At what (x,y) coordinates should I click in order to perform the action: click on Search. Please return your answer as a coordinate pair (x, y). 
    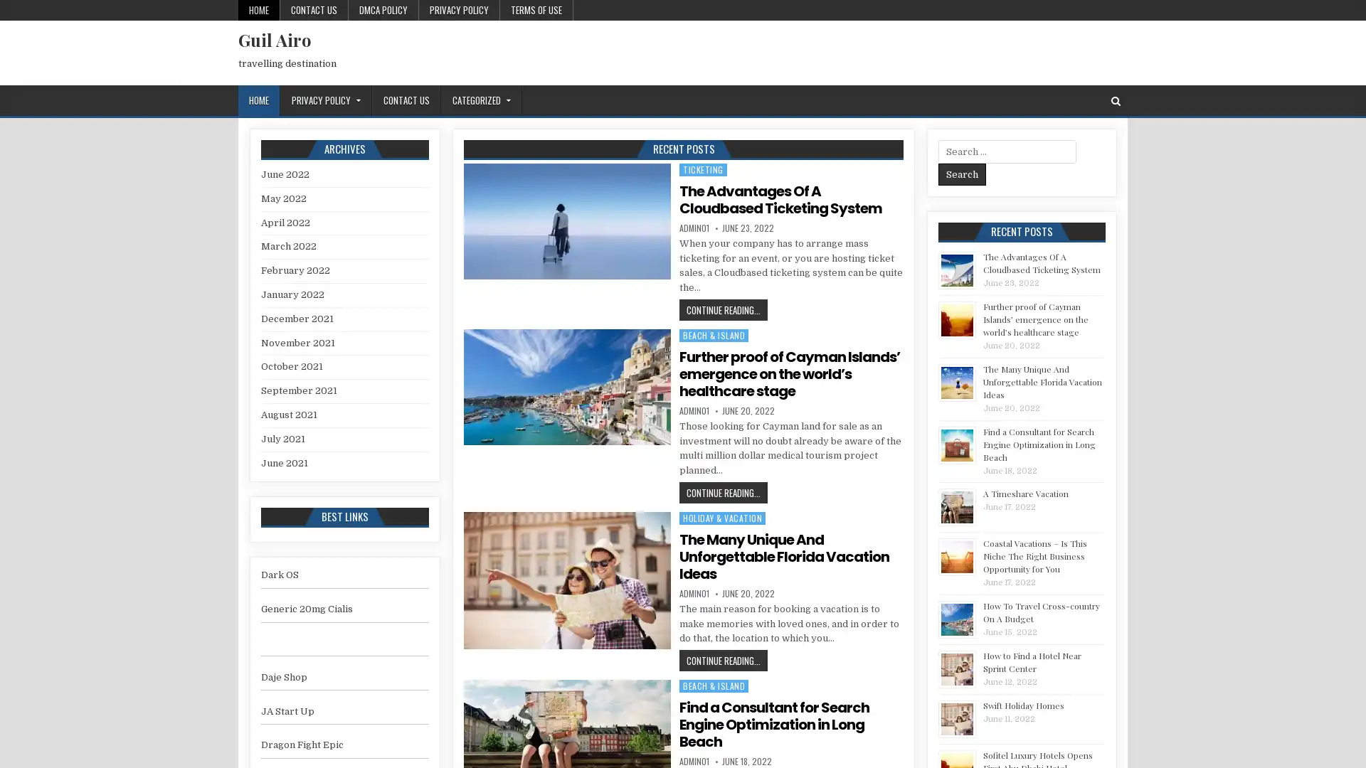
    Looking at the image, I should click on (961, 174).